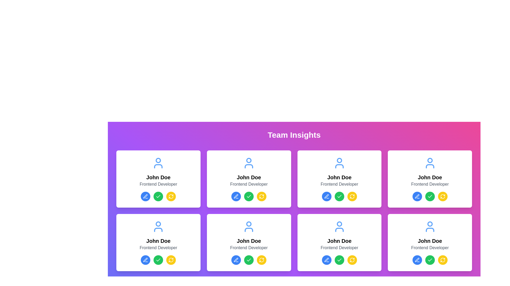 The height and width of the screenshot is (286, 510). I want to click on the graphic icon resembling a pen or pencil located inside the second card from the left in the second row, which is the leftmost icon among three in the bottom row, so click(145, 260).